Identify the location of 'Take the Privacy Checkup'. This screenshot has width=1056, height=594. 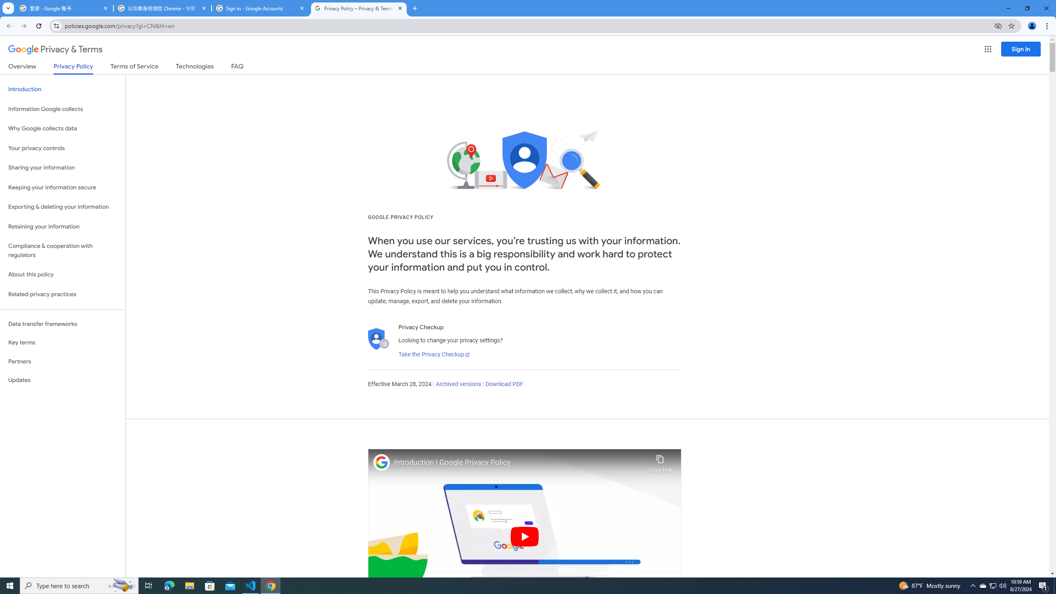
(434, 354).